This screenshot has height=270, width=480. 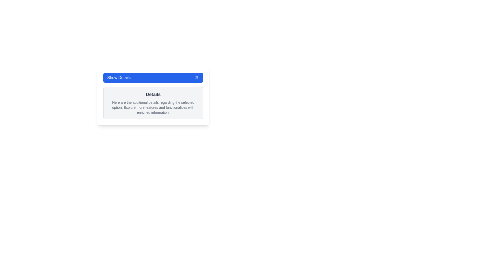 I want to click on text block displaying additional details below the 'Details' heading, which is styled with a smaller gray font and contains enriched information, so click(x=153, y=107).